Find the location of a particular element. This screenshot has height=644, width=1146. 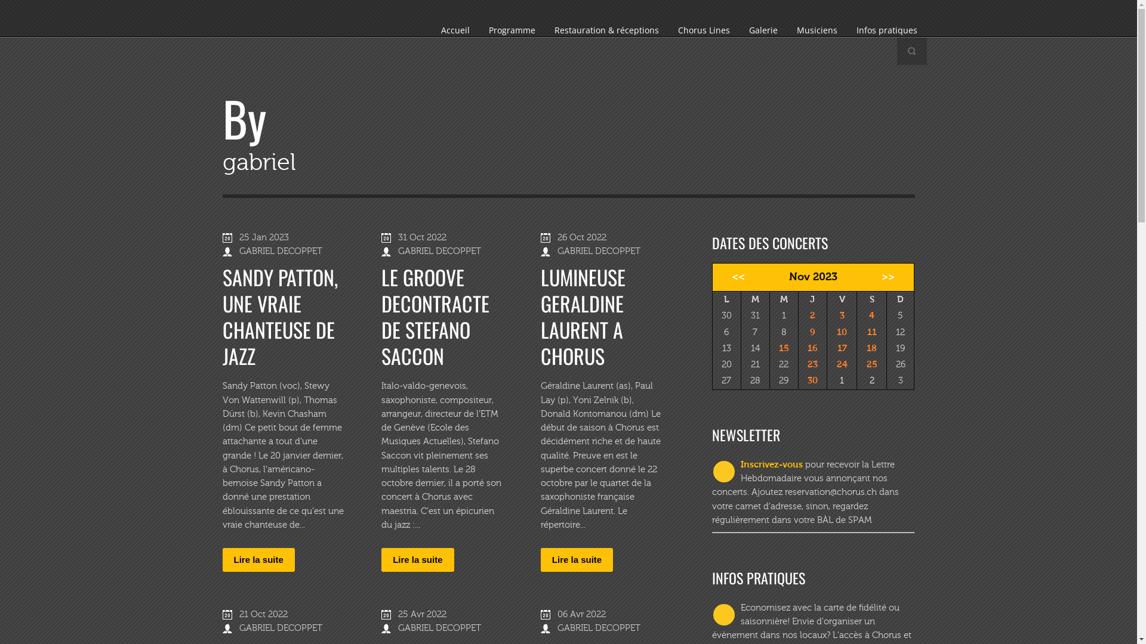

'Musiciens' is located at coordinates (816, 29).